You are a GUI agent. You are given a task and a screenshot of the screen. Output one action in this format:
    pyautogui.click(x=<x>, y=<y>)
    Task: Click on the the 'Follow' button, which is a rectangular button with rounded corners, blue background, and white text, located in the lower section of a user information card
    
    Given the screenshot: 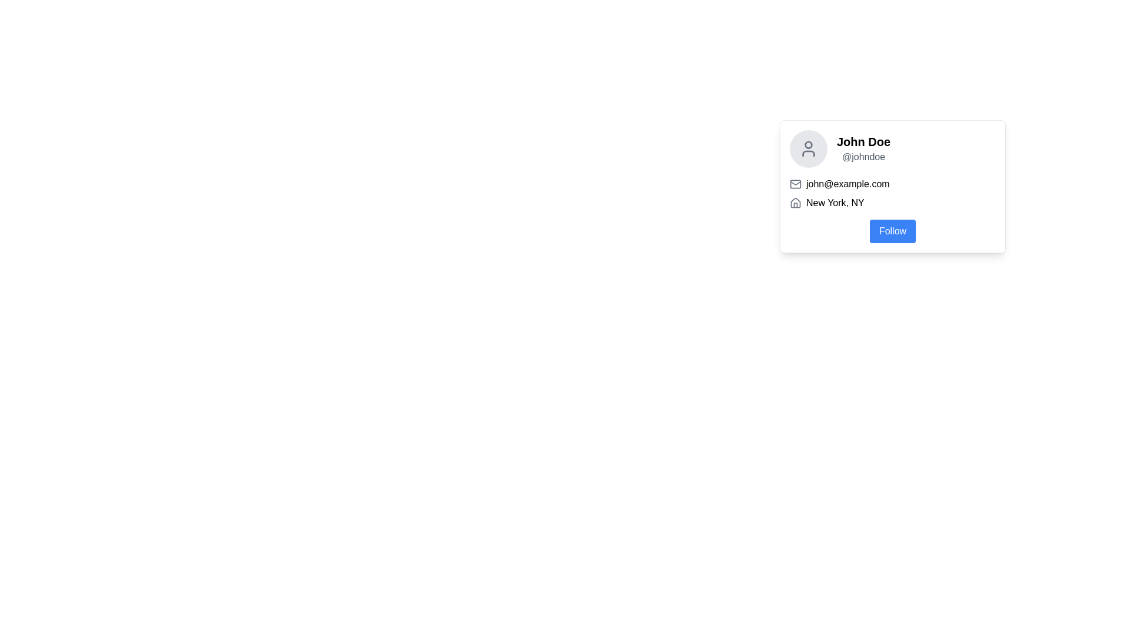 What is the action you would take?
    pyautogui.click(x=892, y=231)
    